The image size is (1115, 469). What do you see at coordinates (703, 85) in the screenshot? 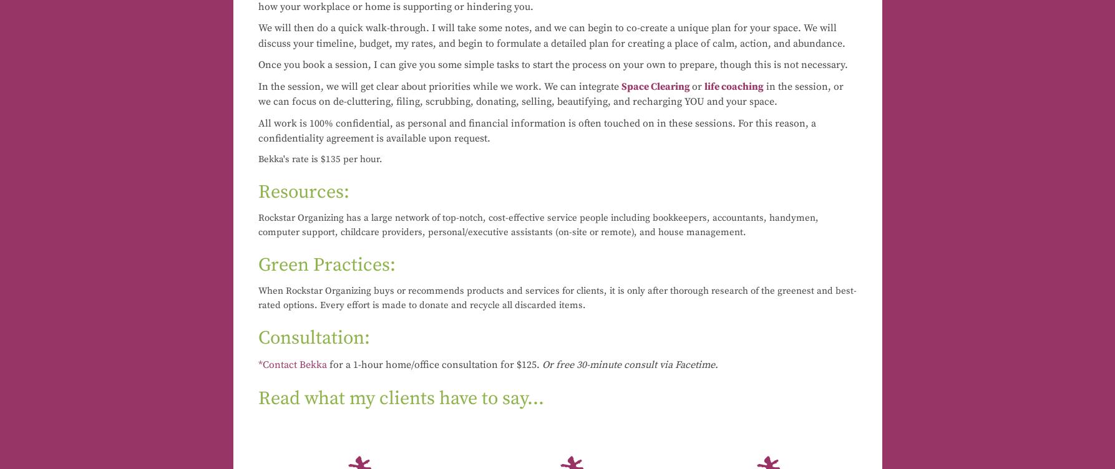
I see `'life coaching'` at bounding box center [703, 85].